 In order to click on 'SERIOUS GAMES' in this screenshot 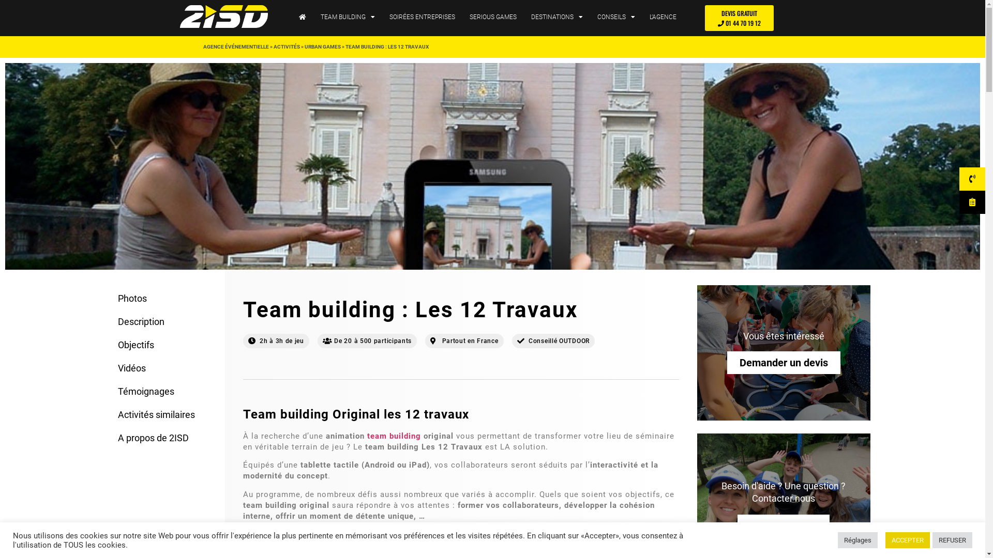, I will do `click(461, 17)`.